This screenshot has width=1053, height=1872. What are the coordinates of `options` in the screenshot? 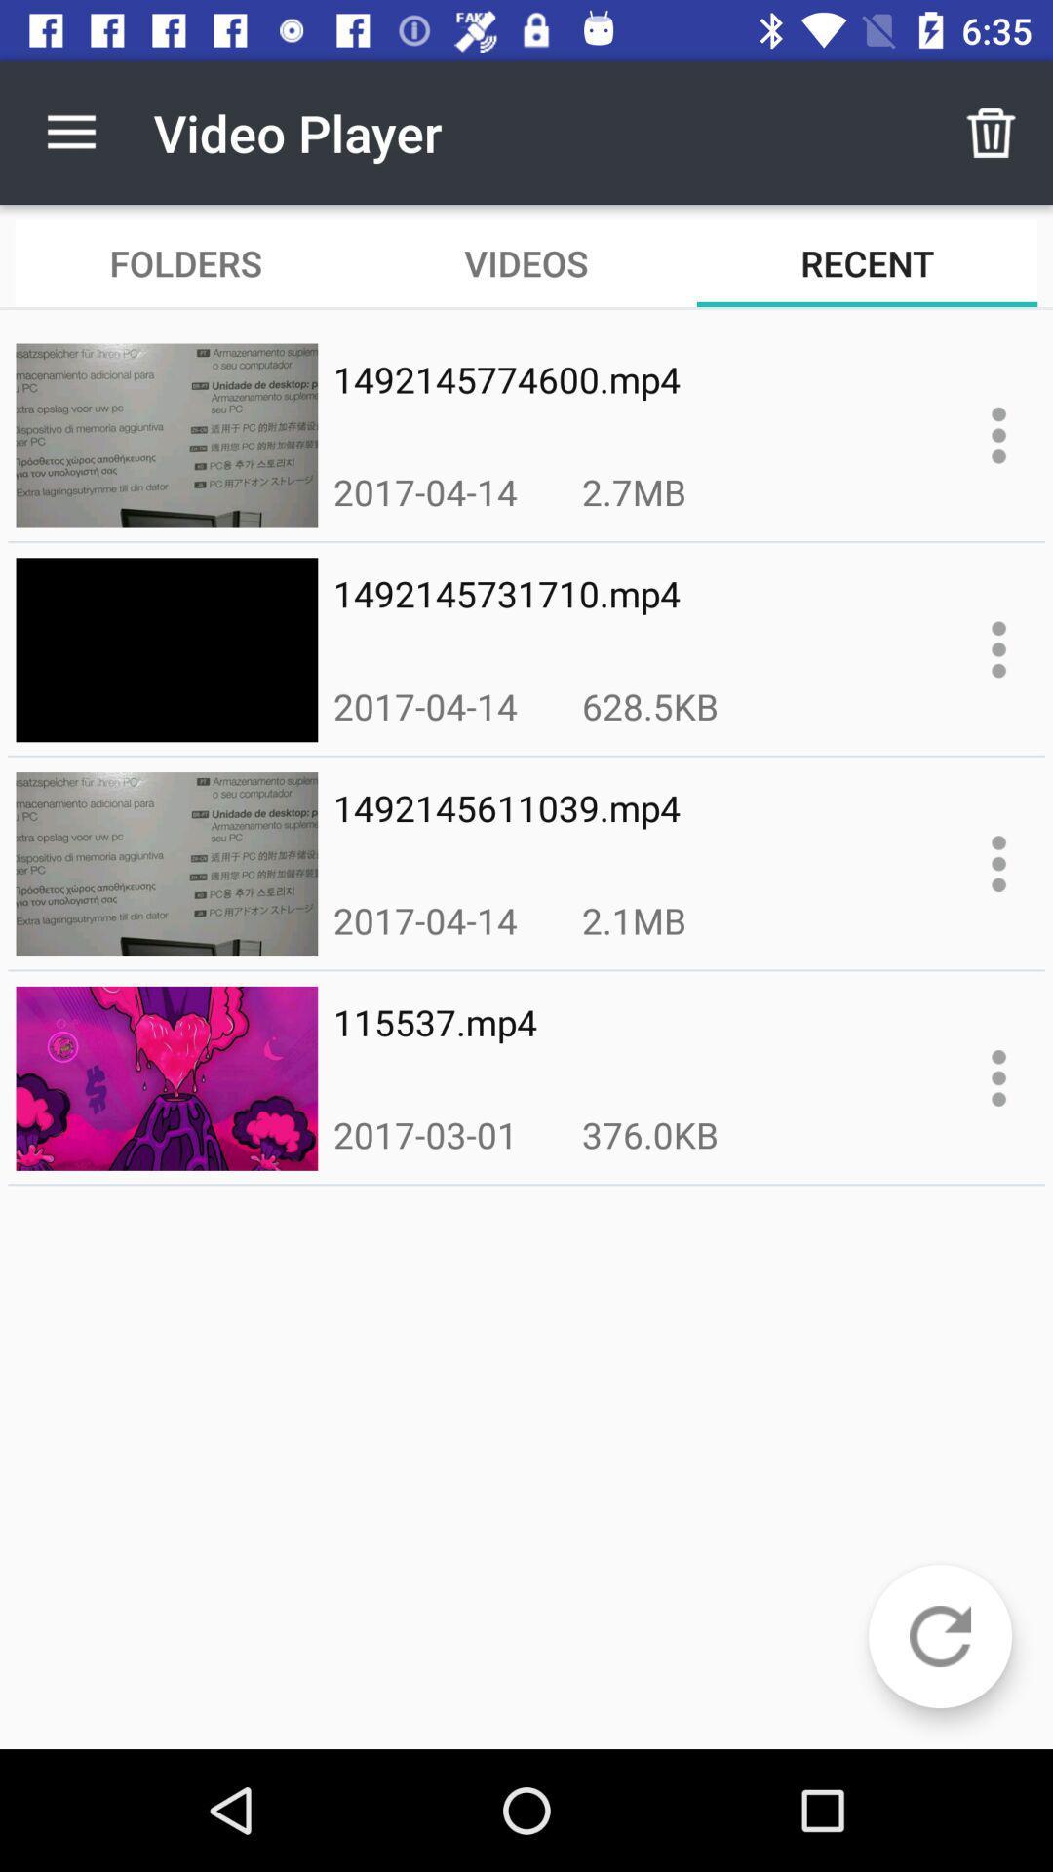 It's located at (998, 1076).